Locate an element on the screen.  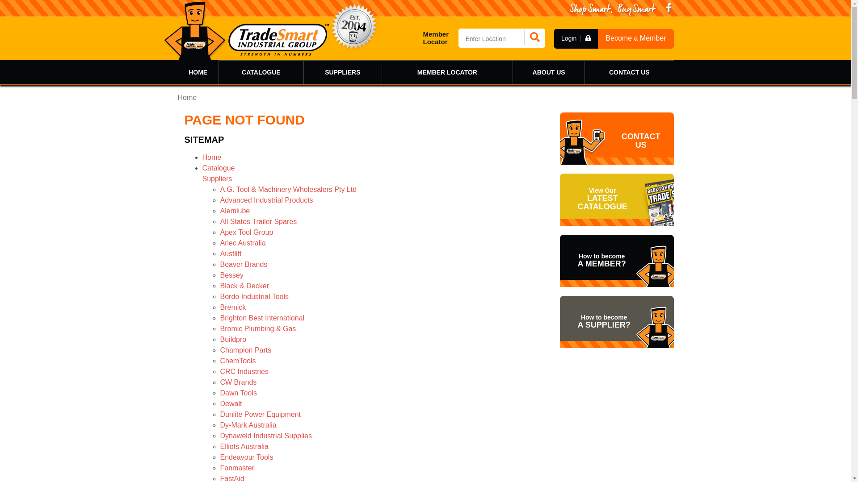
'CONTACT US' is located at coordinates (628, 72).